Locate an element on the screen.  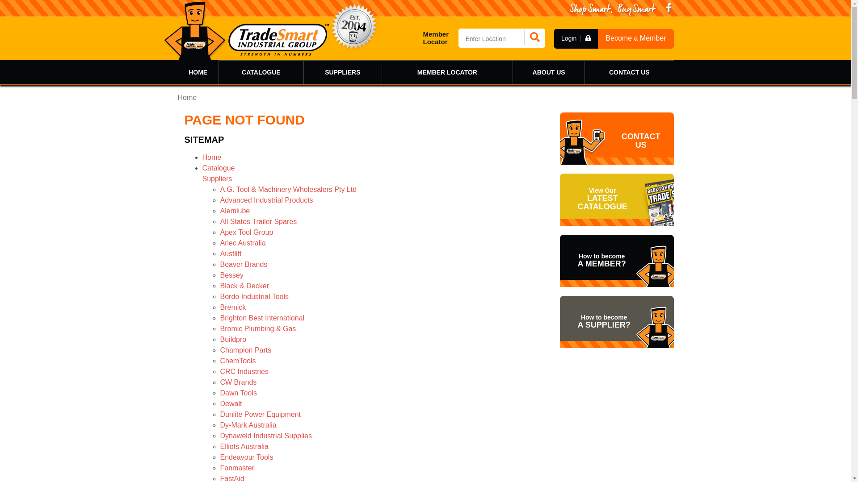
'CONTACT US' is located at coordinates (628, 72).